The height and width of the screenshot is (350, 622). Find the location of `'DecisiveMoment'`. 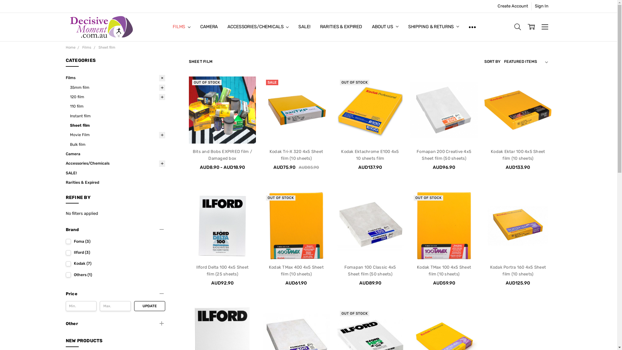

'DecisiveMoment' is located at coordinates (101, 27).